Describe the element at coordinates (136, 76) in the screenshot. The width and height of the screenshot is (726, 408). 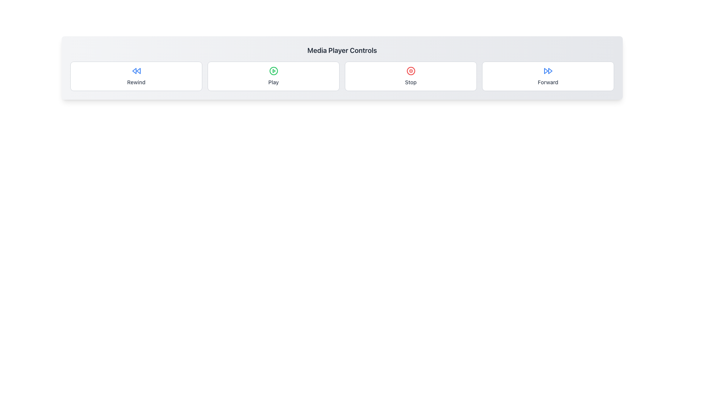
I see `the 'Rewind' button` at that location.